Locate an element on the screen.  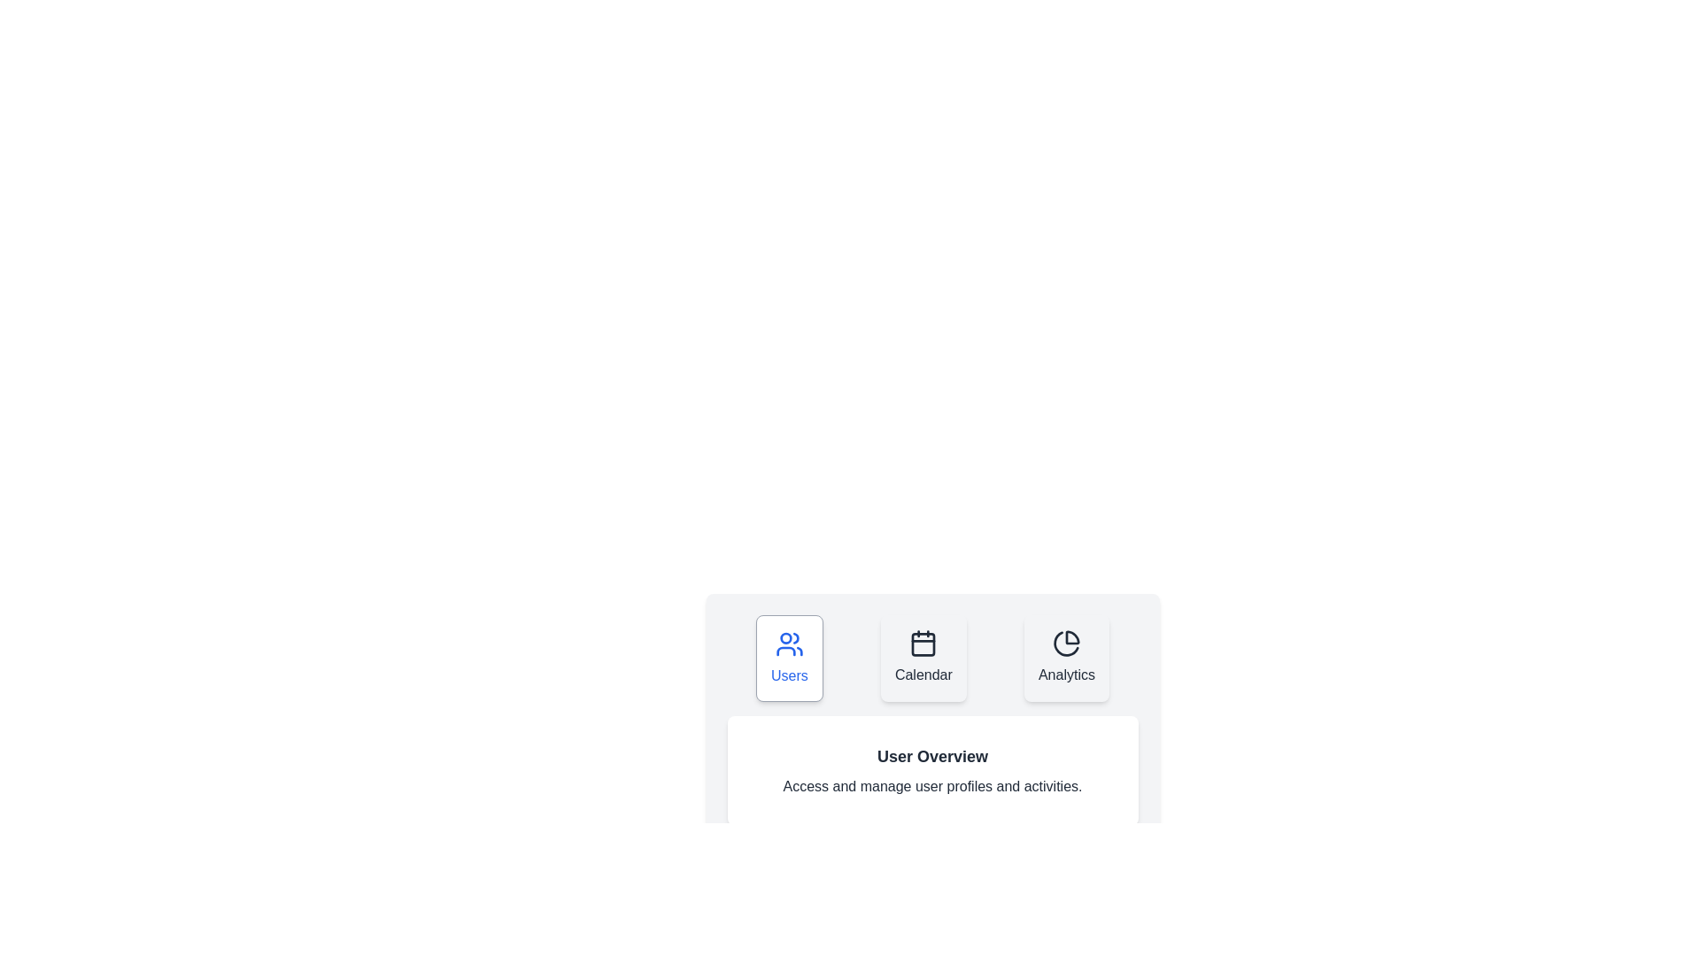
the Button with icon that displays 'Users', 'Calendar', and 'Analytics' is located at coordinates (931, 659).